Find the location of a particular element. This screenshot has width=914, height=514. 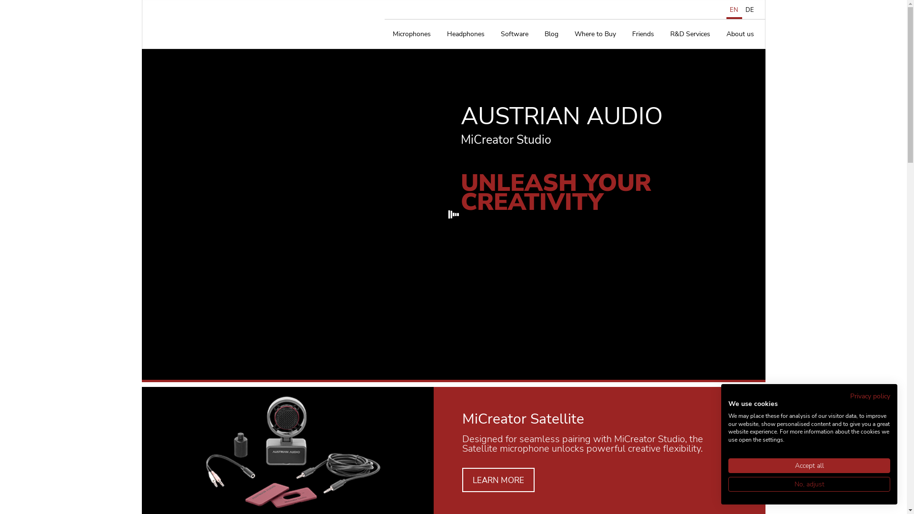

'Headphones' is located at coordinates (466, 34).